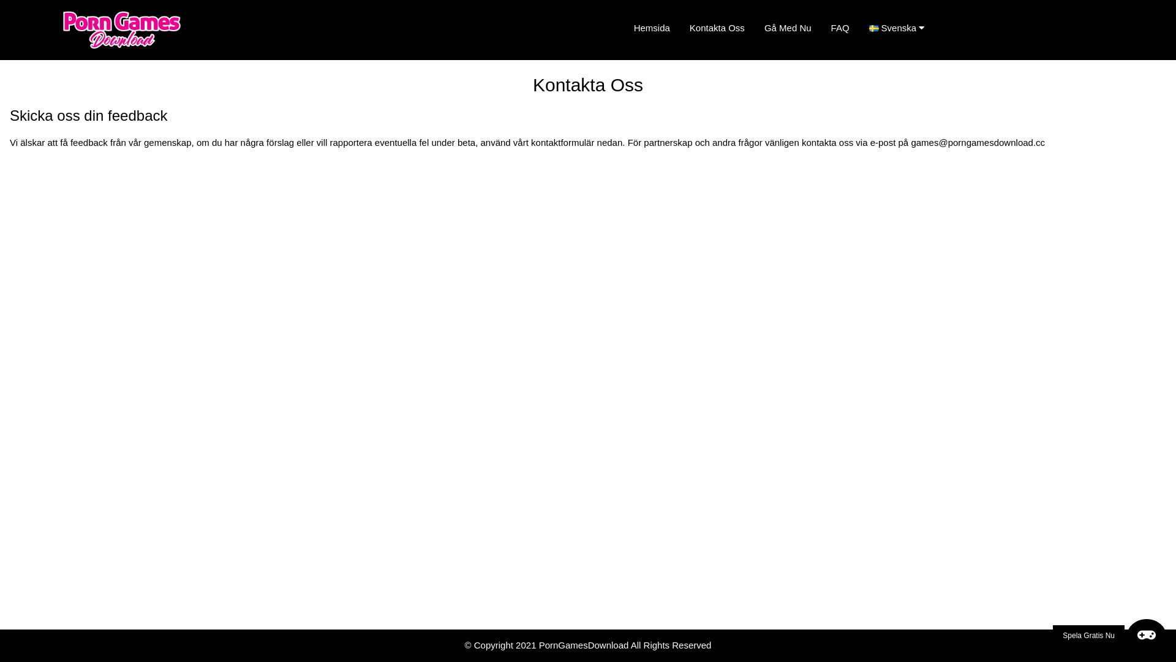  Describe the element at coordinates (821, 28) in the screenshot. I see `'FAQ'` at that location.